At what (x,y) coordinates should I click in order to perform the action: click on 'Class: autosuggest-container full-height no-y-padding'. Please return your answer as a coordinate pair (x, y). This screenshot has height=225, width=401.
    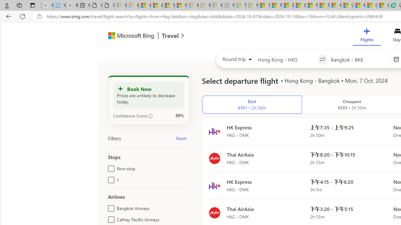
    Looking at the image, I should click on (359, 59).